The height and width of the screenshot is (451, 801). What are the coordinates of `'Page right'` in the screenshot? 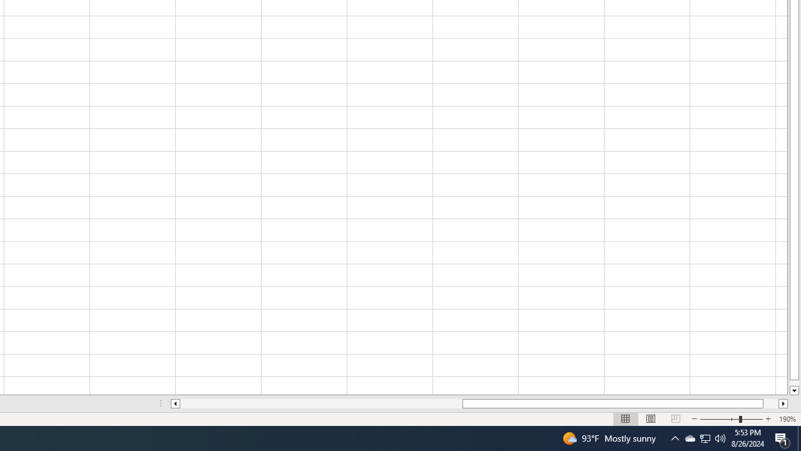 It's located at (770, 403).